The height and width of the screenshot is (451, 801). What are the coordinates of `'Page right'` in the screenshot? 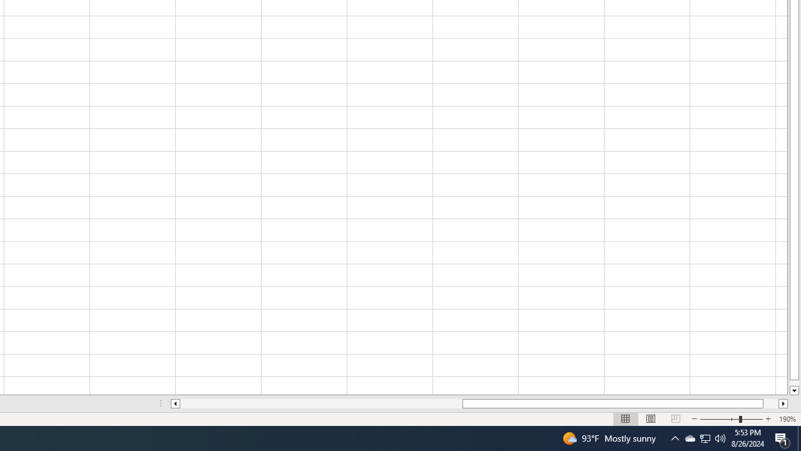 It's located at (770, 403).